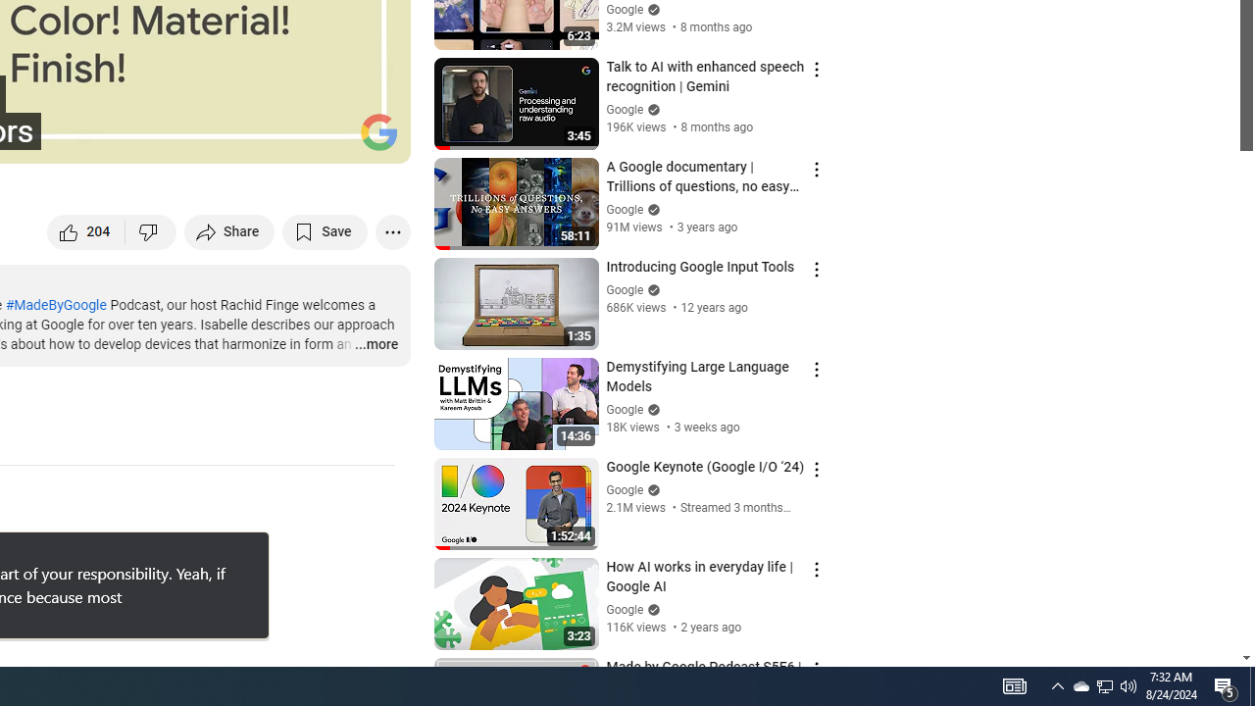  I want to click on '#MadeByGoogle', so click(55, 305).